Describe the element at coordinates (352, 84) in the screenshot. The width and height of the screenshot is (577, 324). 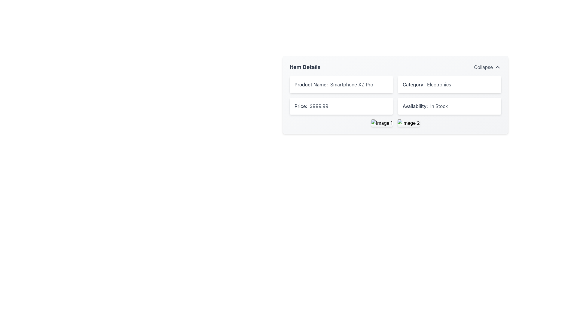
I see `the Text Label displaying 'Smartphone XZ Pro', which is styled in gray and located next to 'Product Name:' within a card-like component` at that location.